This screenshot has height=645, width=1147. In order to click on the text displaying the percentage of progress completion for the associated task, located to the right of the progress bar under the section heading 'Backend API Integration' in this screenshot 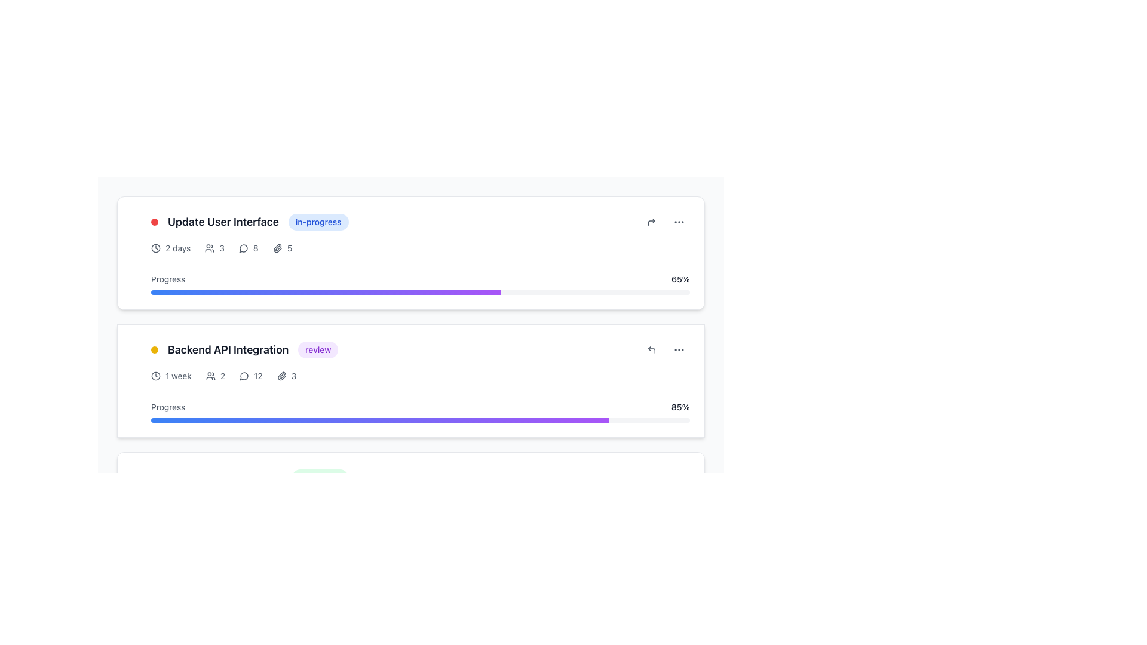, I will do `click(680, 407)`.